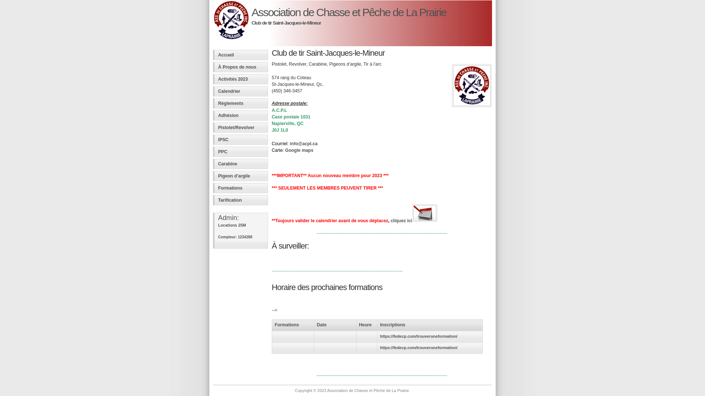  I want to click on 'Accueil', so click(240, 55).